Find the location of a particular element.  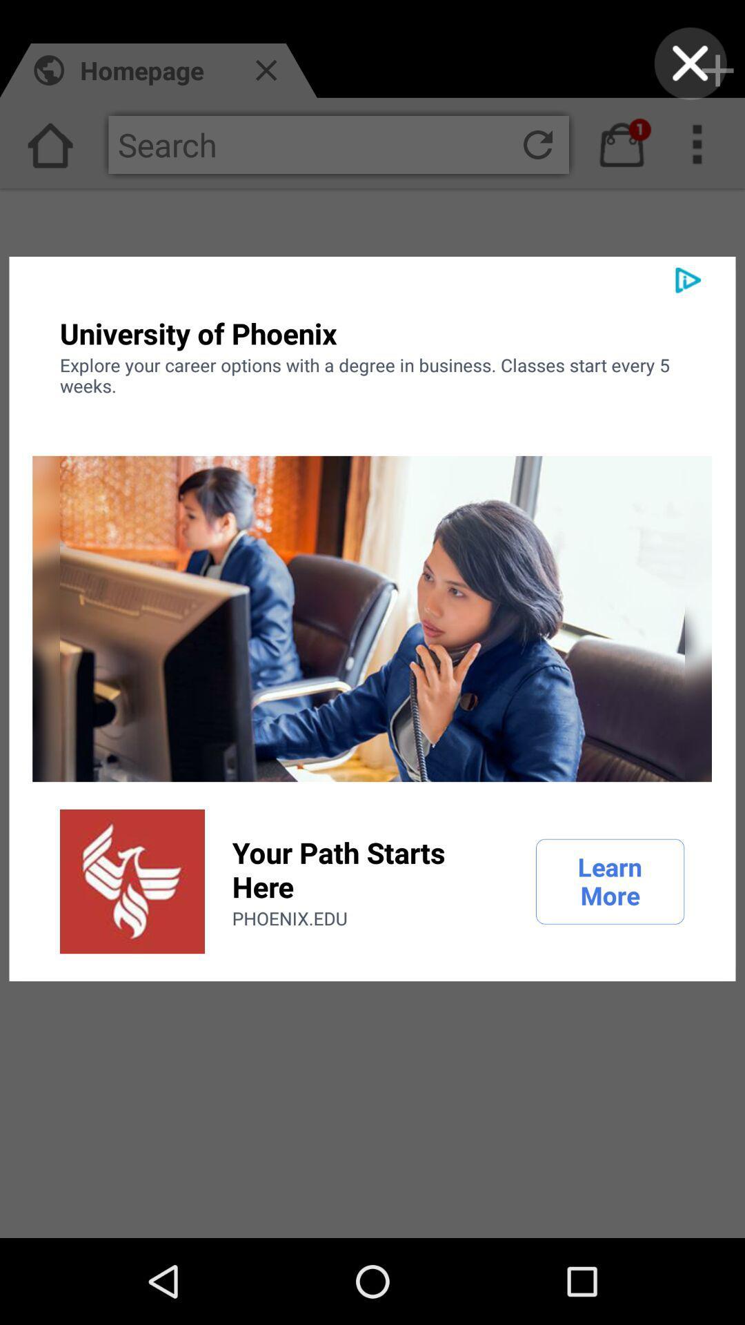

the item next to the your path starts is located at coordinates (132, 881).